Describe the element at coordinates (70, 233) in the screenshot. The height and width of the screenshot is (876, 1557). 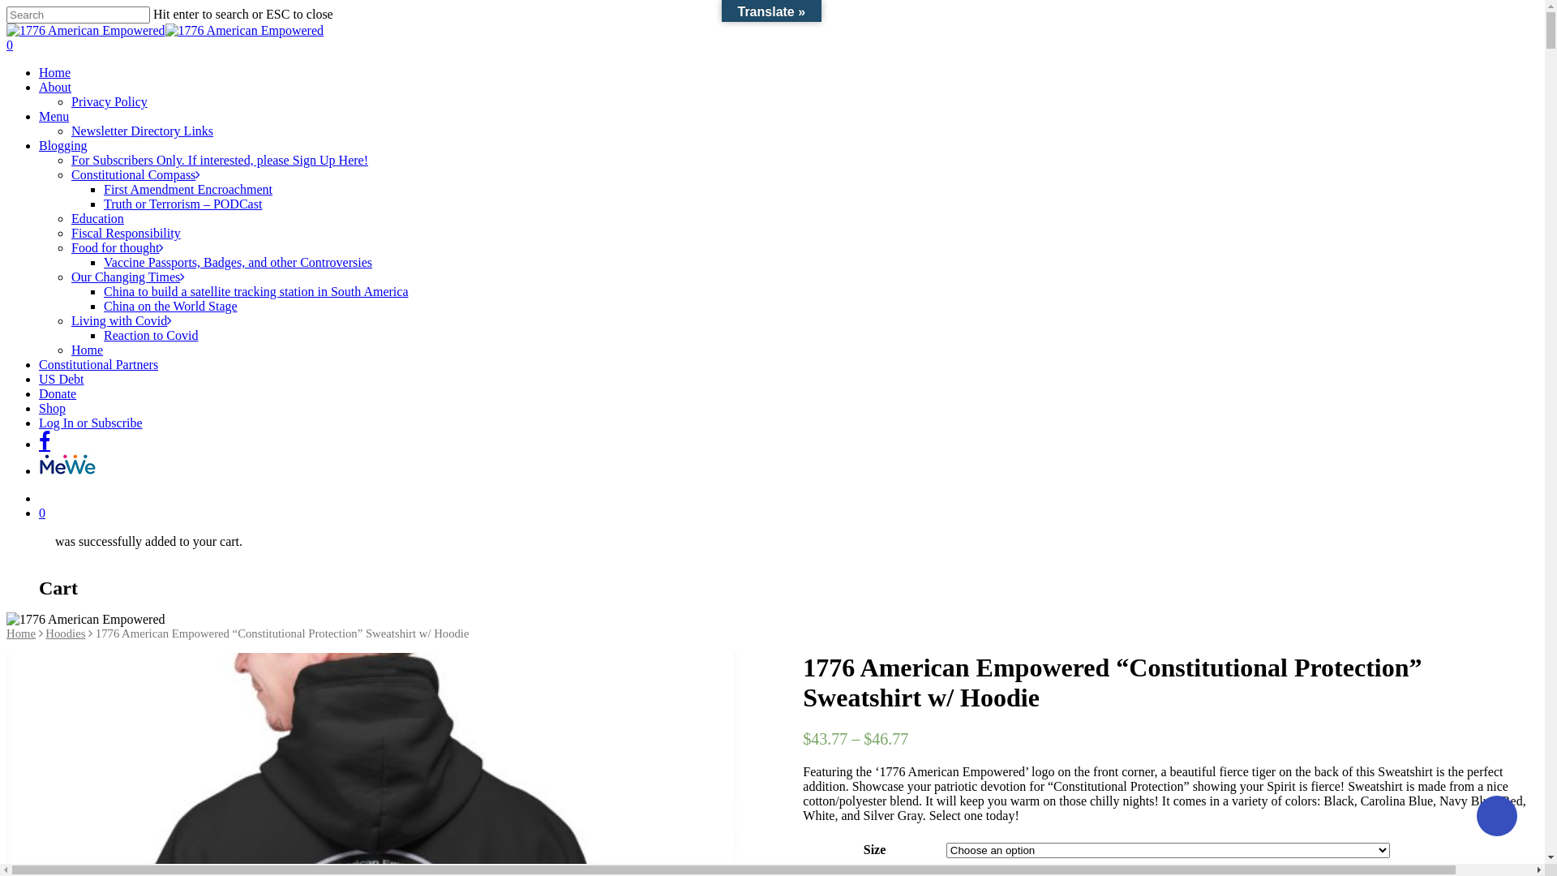
I see `'Fiscal Responsibility'` at that location.